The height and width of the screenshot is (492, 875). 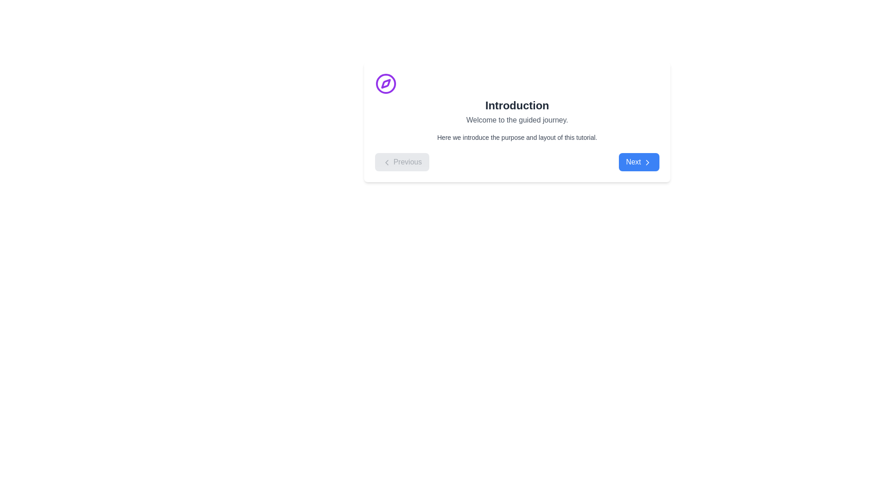 I want to click on the arrow icon located at the bottom-right corner of the 'Next' button to proceed to the next step, so click(x=647, y=161).